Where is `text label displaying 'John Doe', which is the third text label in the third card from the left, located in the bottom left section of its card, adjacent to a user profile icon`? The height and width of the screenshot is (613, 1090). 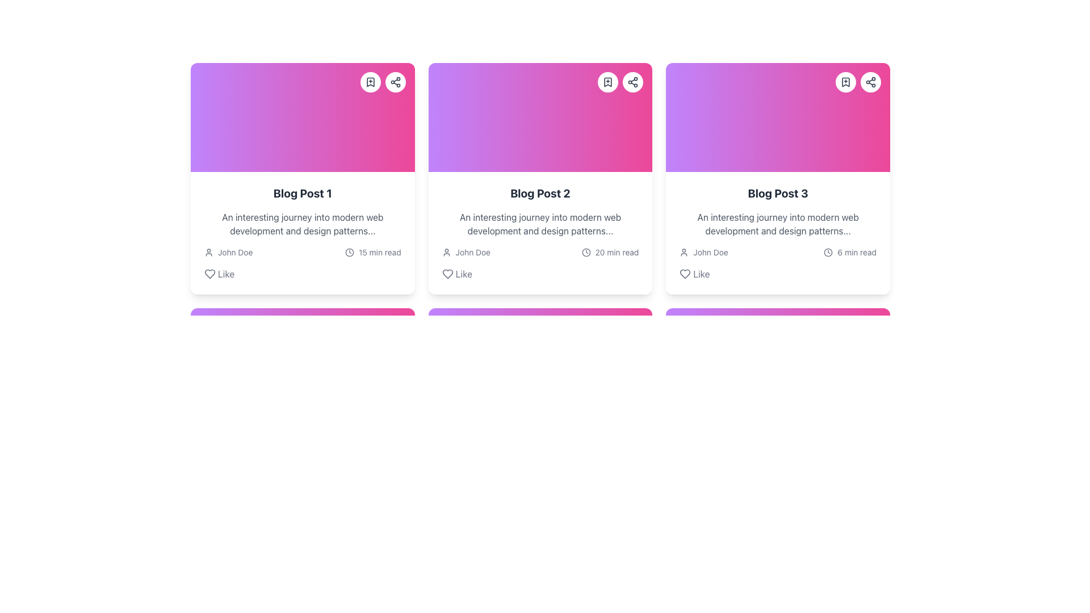 text label displaying 'John Doe', which is the third text label in the third card from the left, located in the bottom left section of its card, adjacent to a user profile icon is located at coordinates (710, 251).